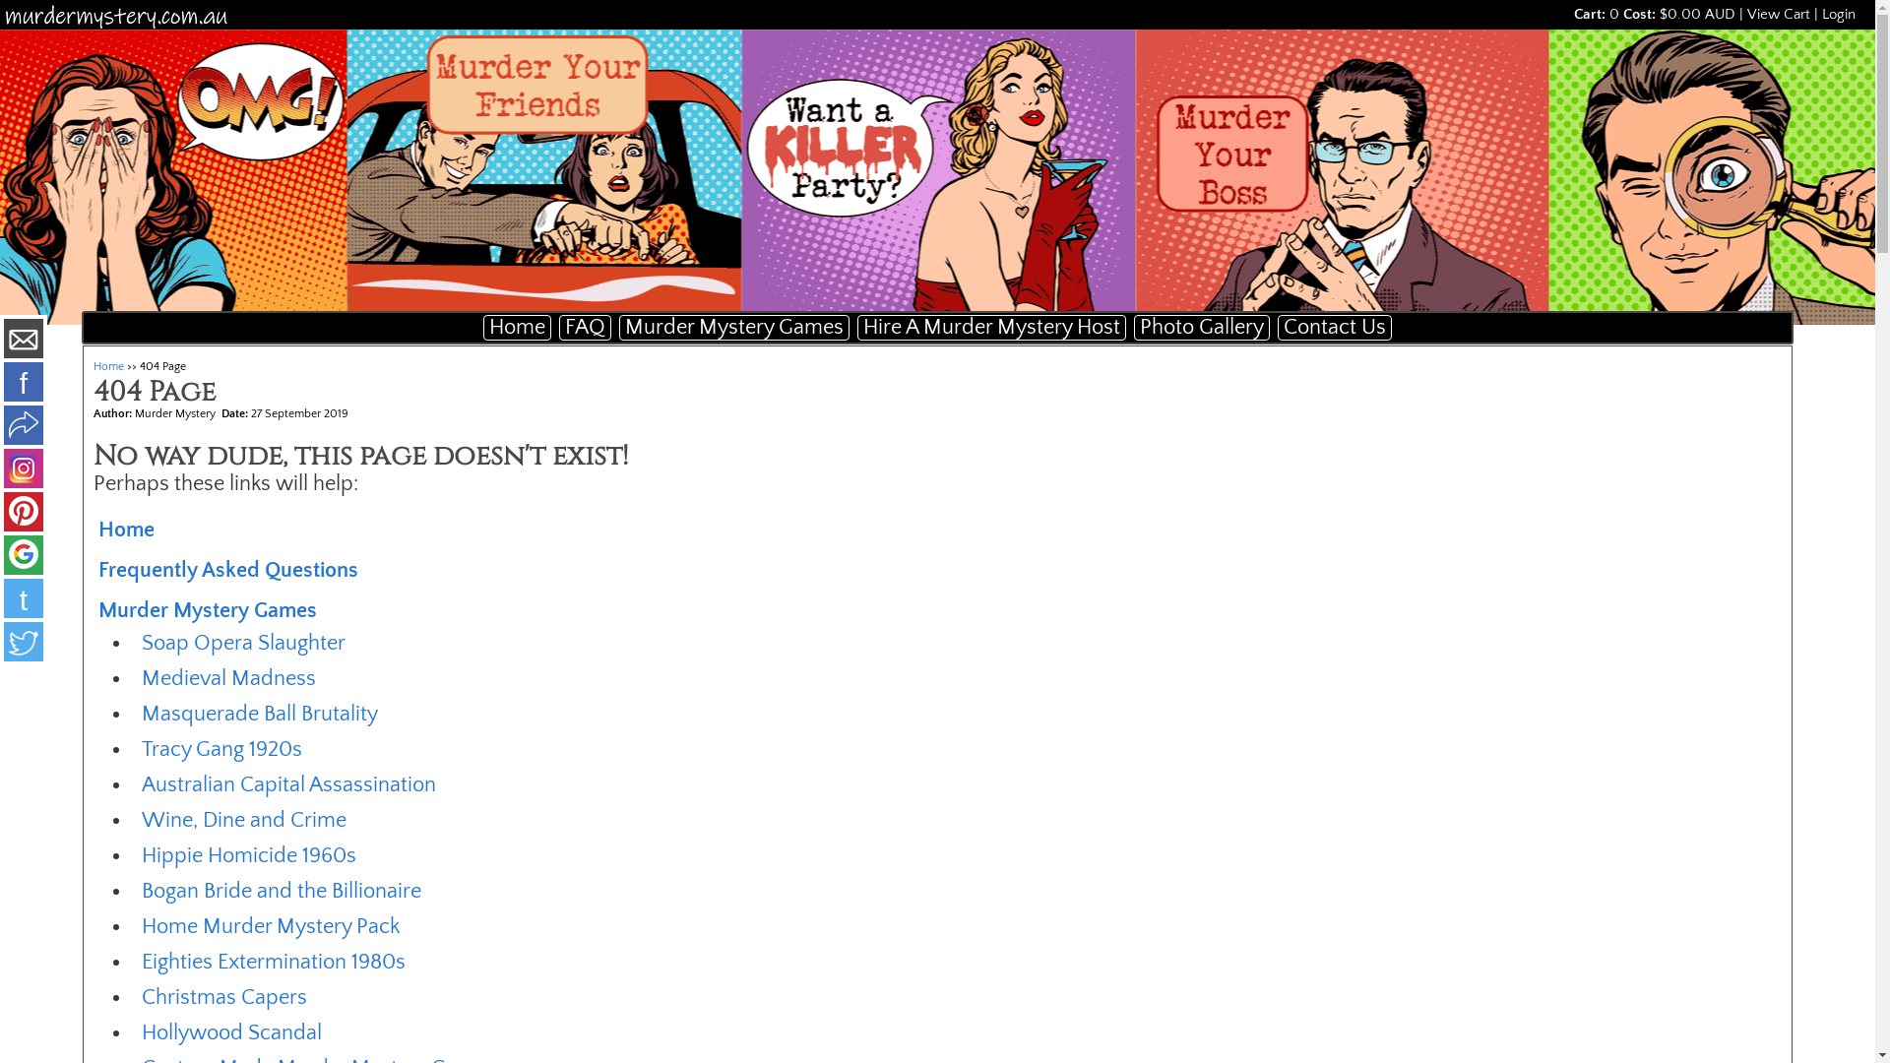 This screenshot has width=1890, height=1063. What do you see at coordinates (259, 714) in the screenshot?
I see `'Masquerade Ball Brutality'` at bounding box center [259, 714].